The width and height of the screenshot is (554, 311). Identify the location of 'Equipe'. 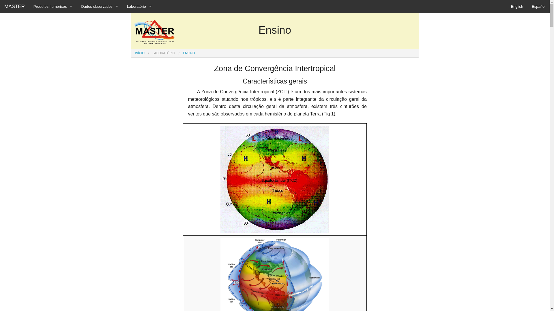
(139, 19).